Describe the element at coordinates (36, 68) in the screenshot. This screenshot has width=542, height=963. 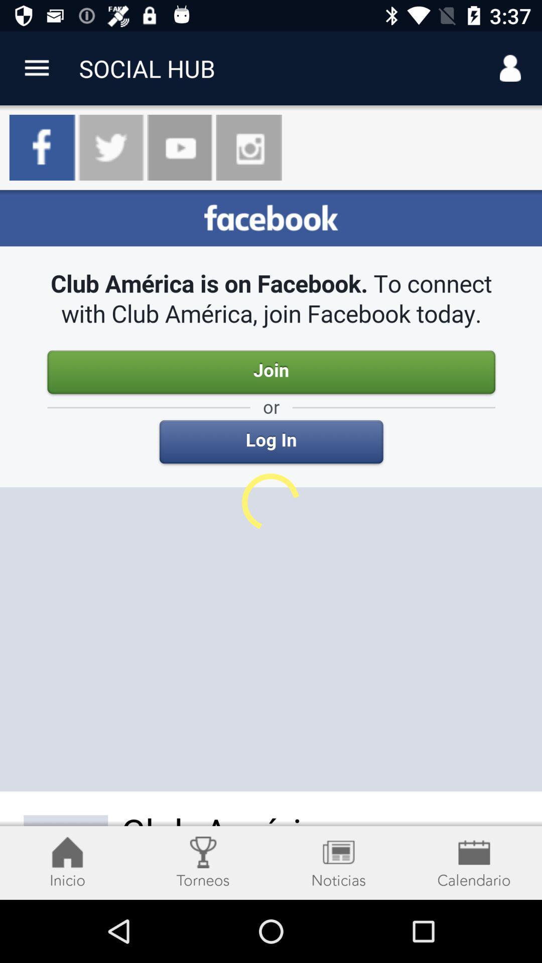
I see `menu option` at that location.